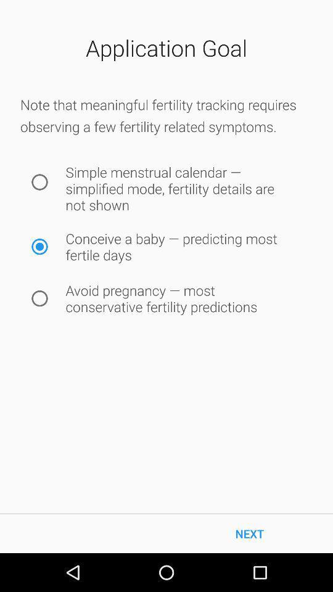 The width and height of the screenshot is (333, 592). What do you see at coordinates (39, 246) in the screenshot?
I see `icon to the left of the conceive a baby icon` at bounding box center [39, 246].